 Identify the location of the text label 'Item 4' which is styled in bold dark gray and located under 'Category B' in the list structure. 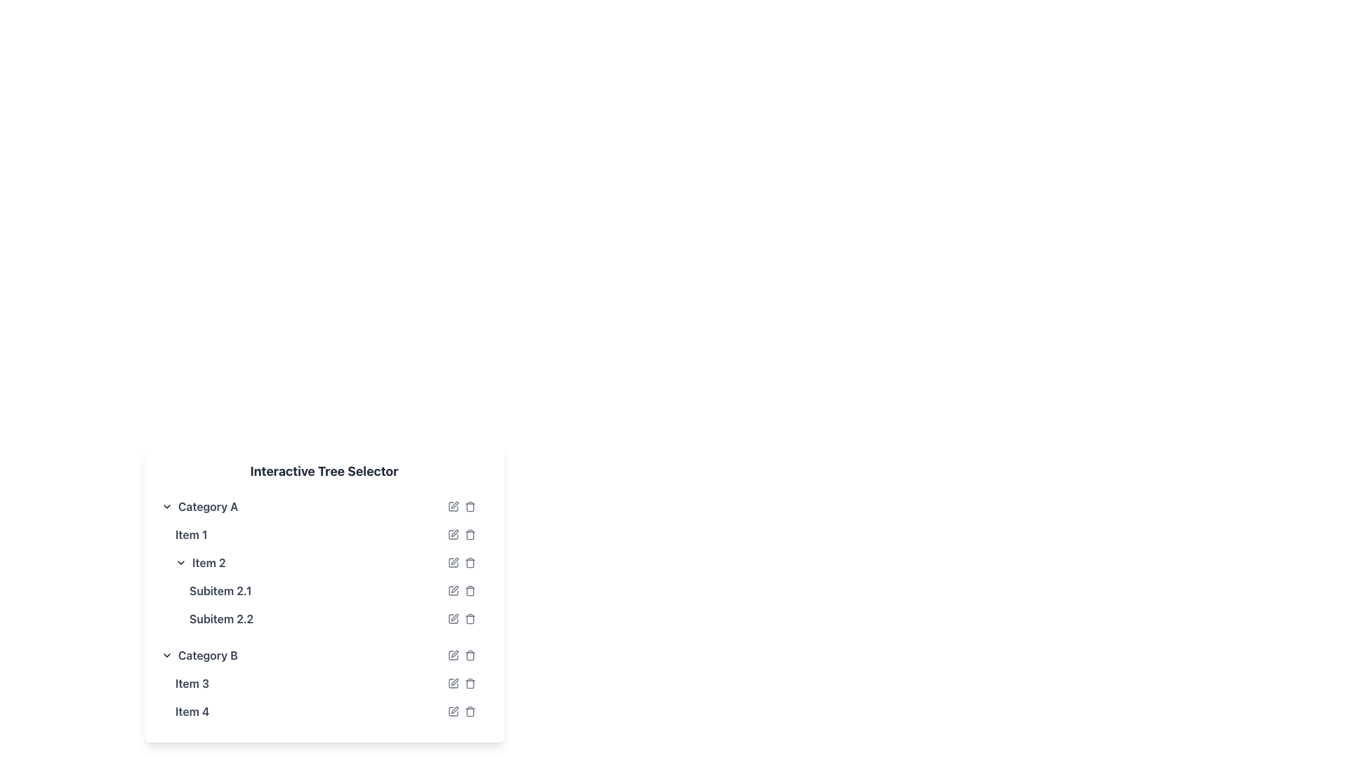
(192, 712).